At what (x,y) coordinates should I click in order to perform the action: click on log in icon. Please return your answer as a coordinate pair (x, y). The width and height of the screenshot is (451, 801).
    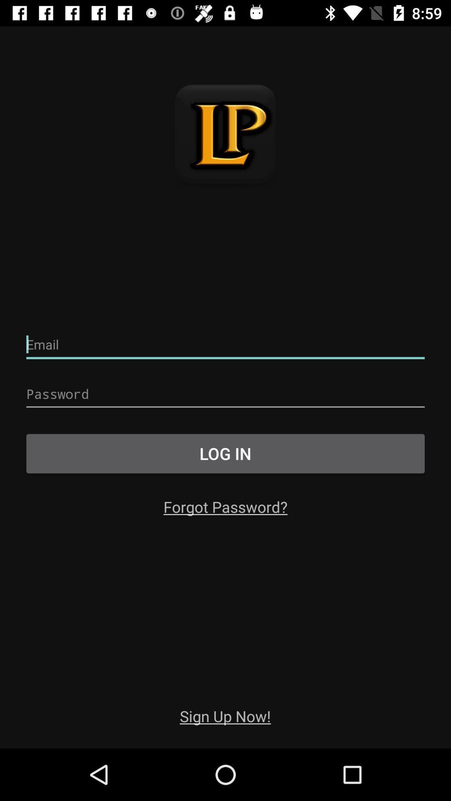
    Looking at the image, I should click on (225, 453).